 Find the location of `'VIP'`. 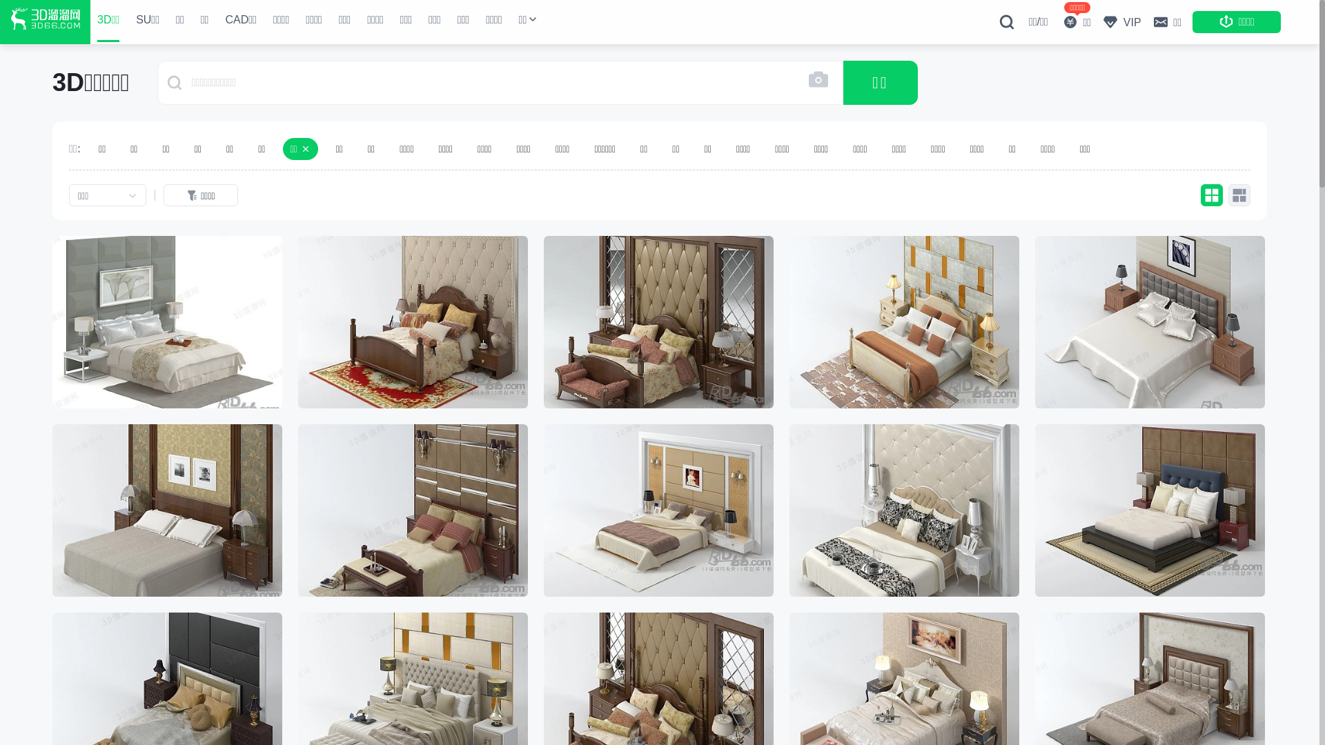

'VIP' is located at coordinates (1101, 21).